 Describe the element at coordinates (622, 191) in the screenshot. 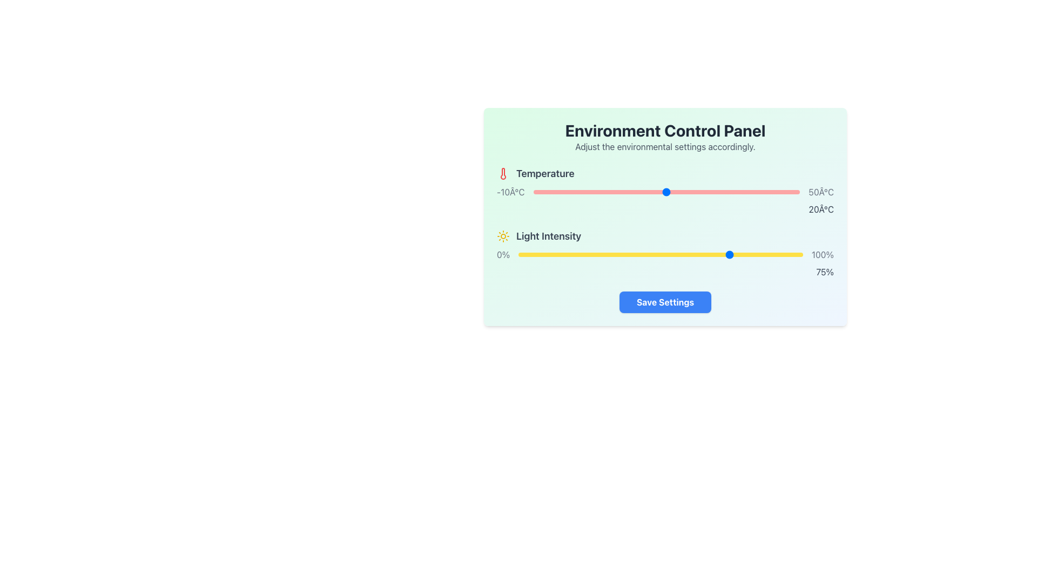

I see `the temperature slider` at that location.